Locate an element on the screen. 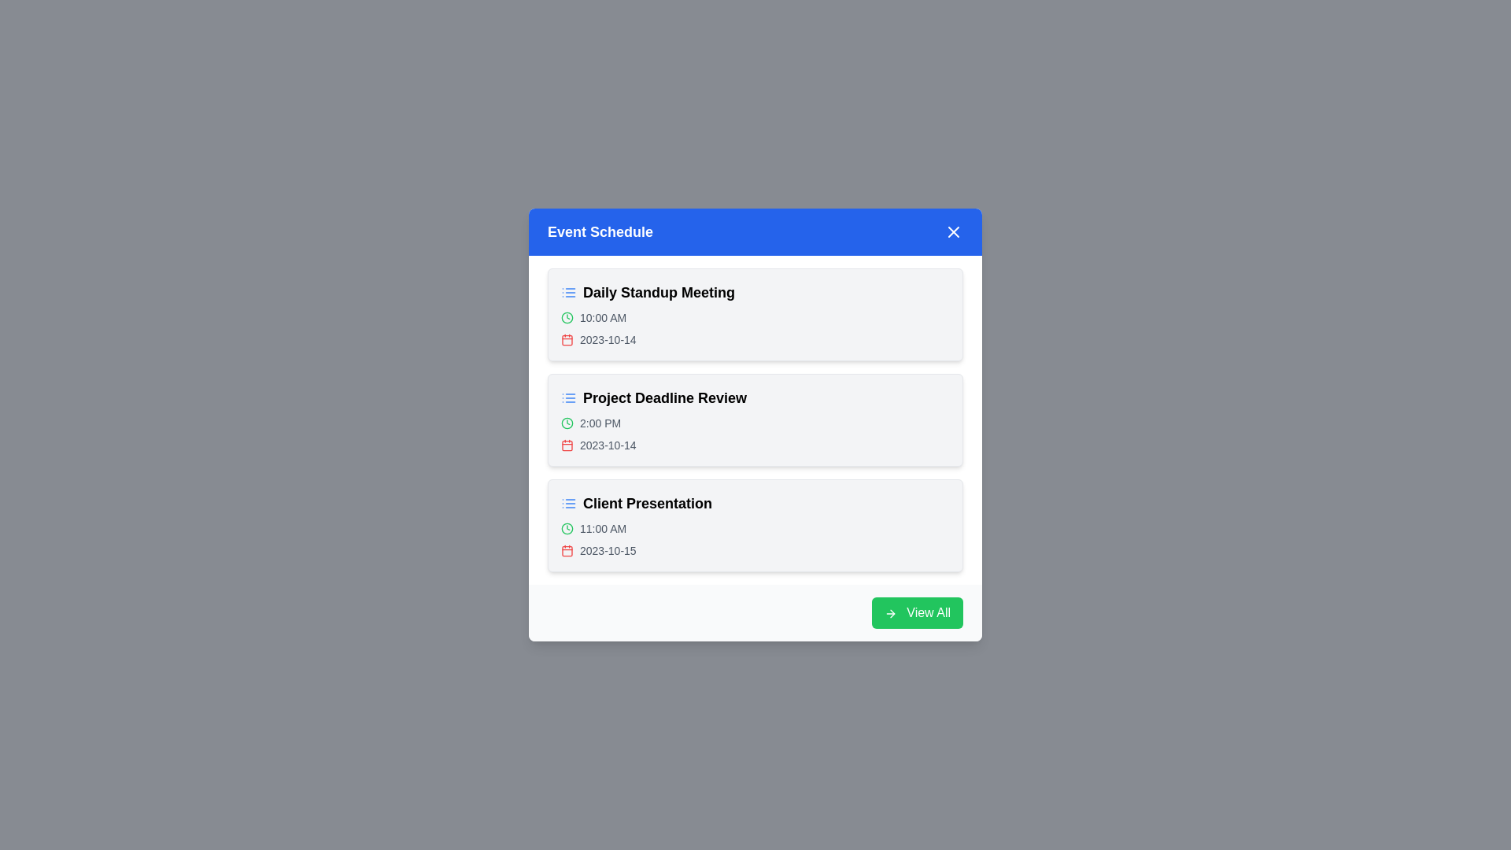 This screenshot has width=1511, height=850. the title Text label located at the top left of the modal window, which describes the event schedule is located at coordinates (600, 231).